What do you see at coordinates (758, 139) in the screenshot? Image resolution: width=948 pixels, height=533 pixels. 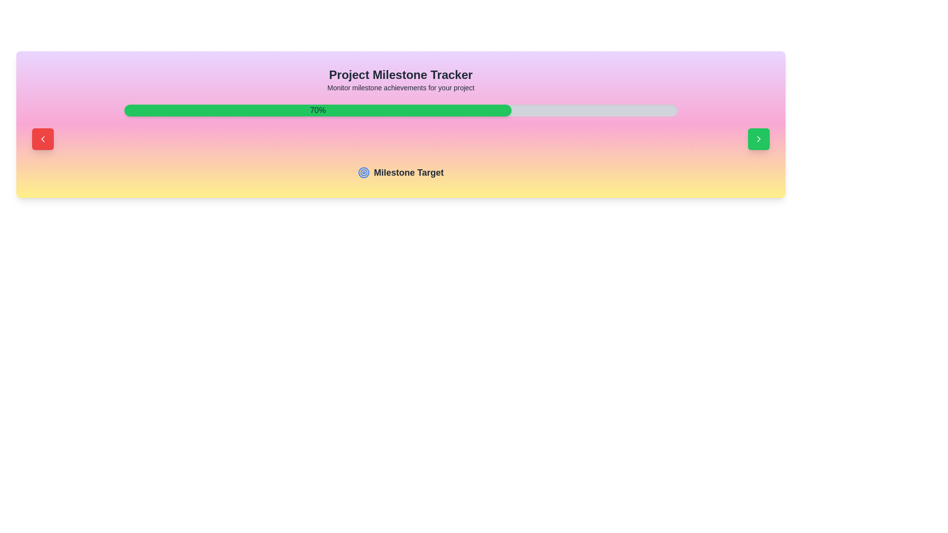 I see `the right-pointing arrow icon, which is styled as a stroke outline in a green square` at bounding box center [758, 139].